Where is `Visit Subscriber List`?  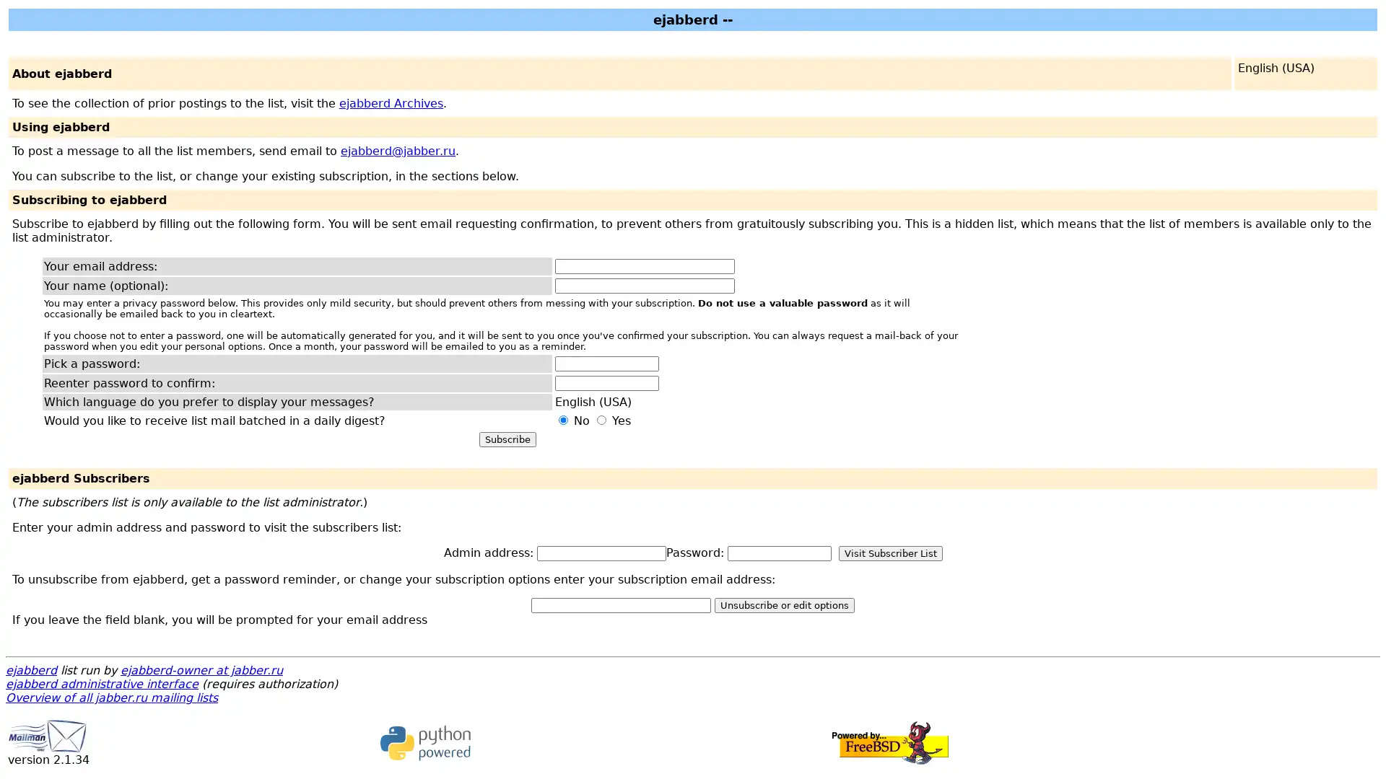 Visit Subscriber List is located at coordinates (889, 553).